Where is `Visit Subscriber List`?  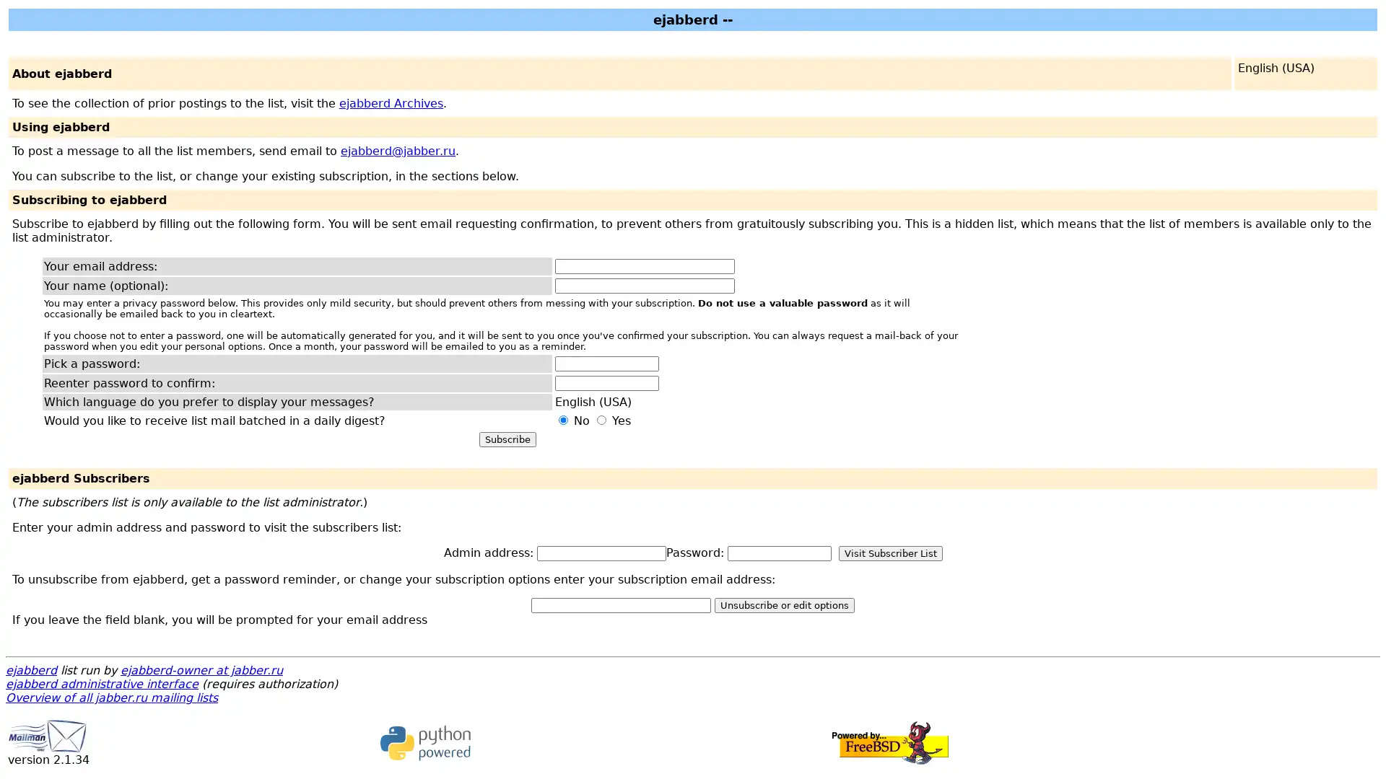 Visit Subscriber List is located at coordinates (889, 553).